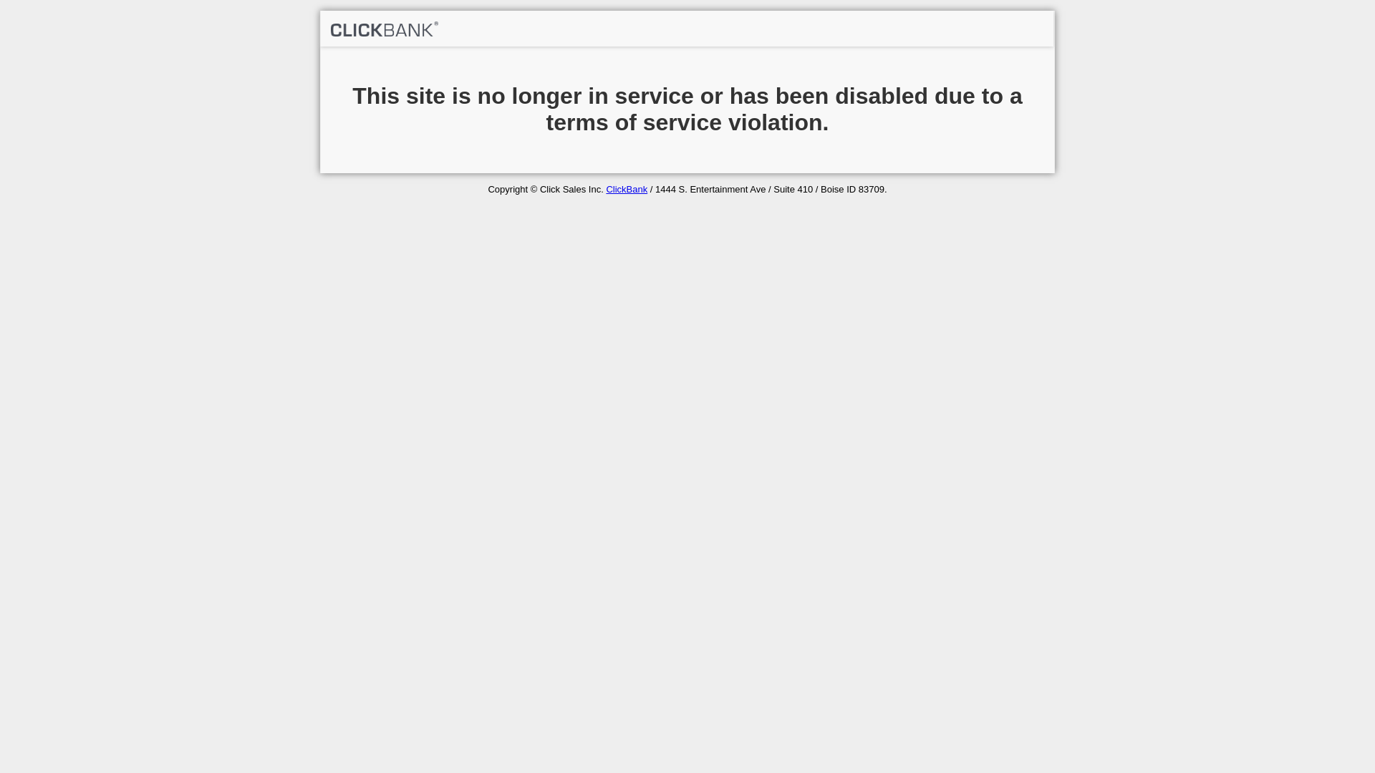  Describe the element at coordinates (605, 188) in the screenshot. I see `'ClickBank'` at that location.